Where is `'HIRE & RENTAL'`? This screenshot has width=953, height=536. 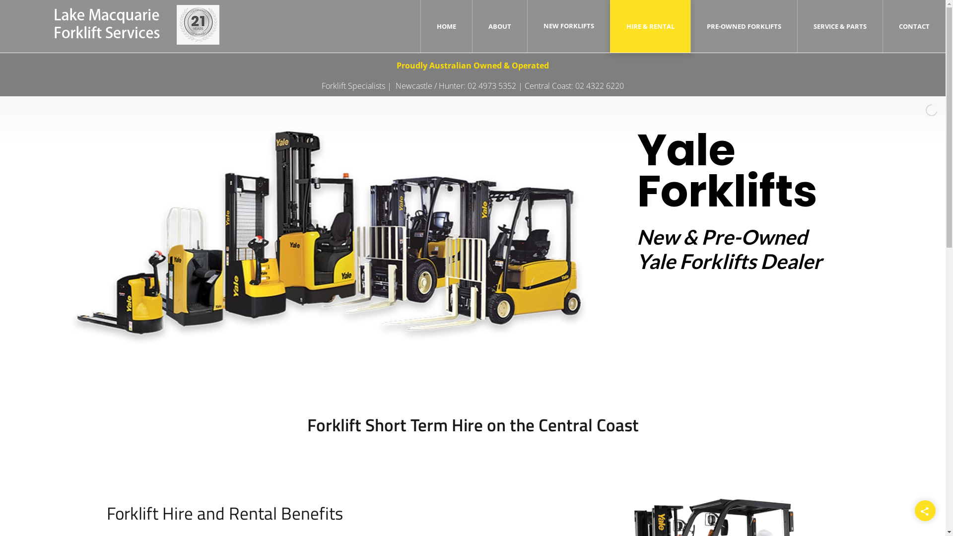 'HIRE & RENTAL' is located at coordinates (626, 26).